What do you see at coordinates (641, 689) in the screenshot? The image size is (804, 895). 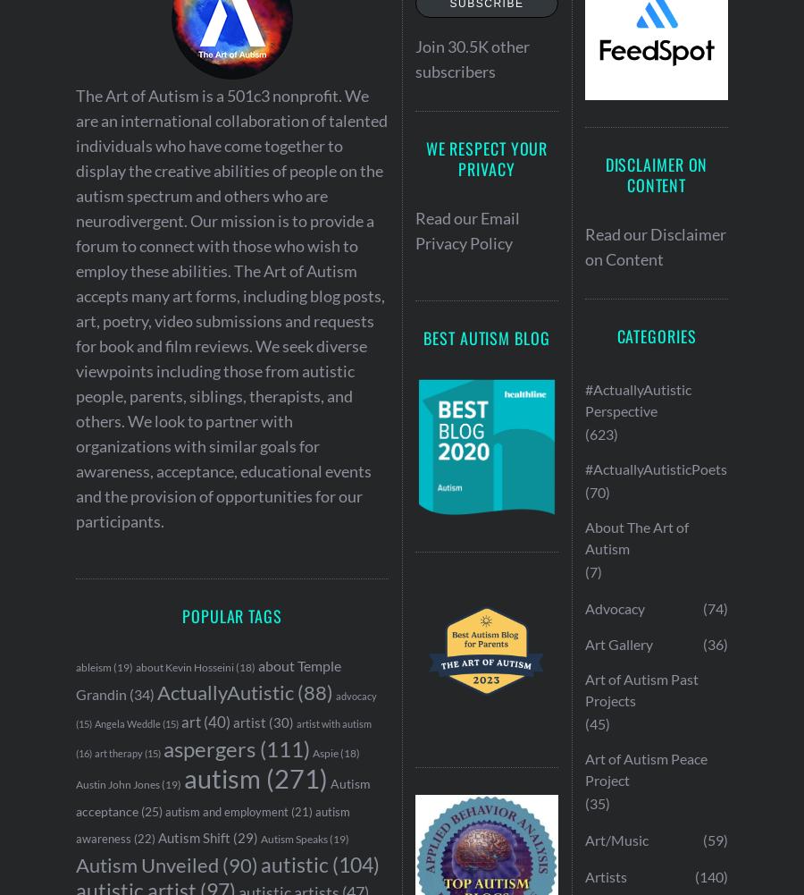 I see `'Art of Autism Past Projects'` at bounding box center [641, 689].